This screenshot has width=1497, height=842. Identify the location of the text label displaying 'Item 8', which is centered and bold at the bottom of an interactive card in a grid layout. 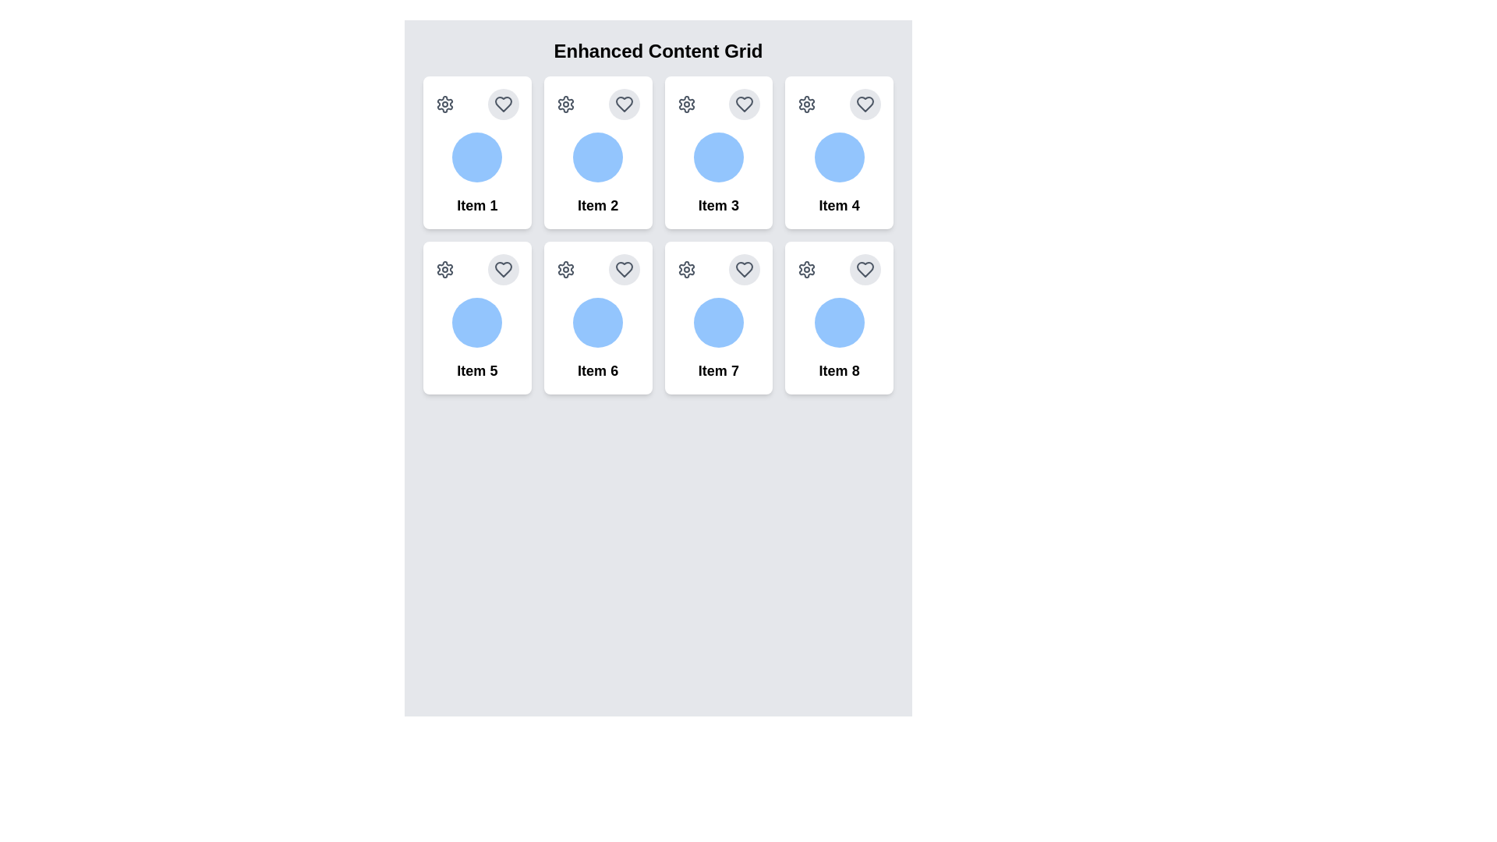
(838, 370).